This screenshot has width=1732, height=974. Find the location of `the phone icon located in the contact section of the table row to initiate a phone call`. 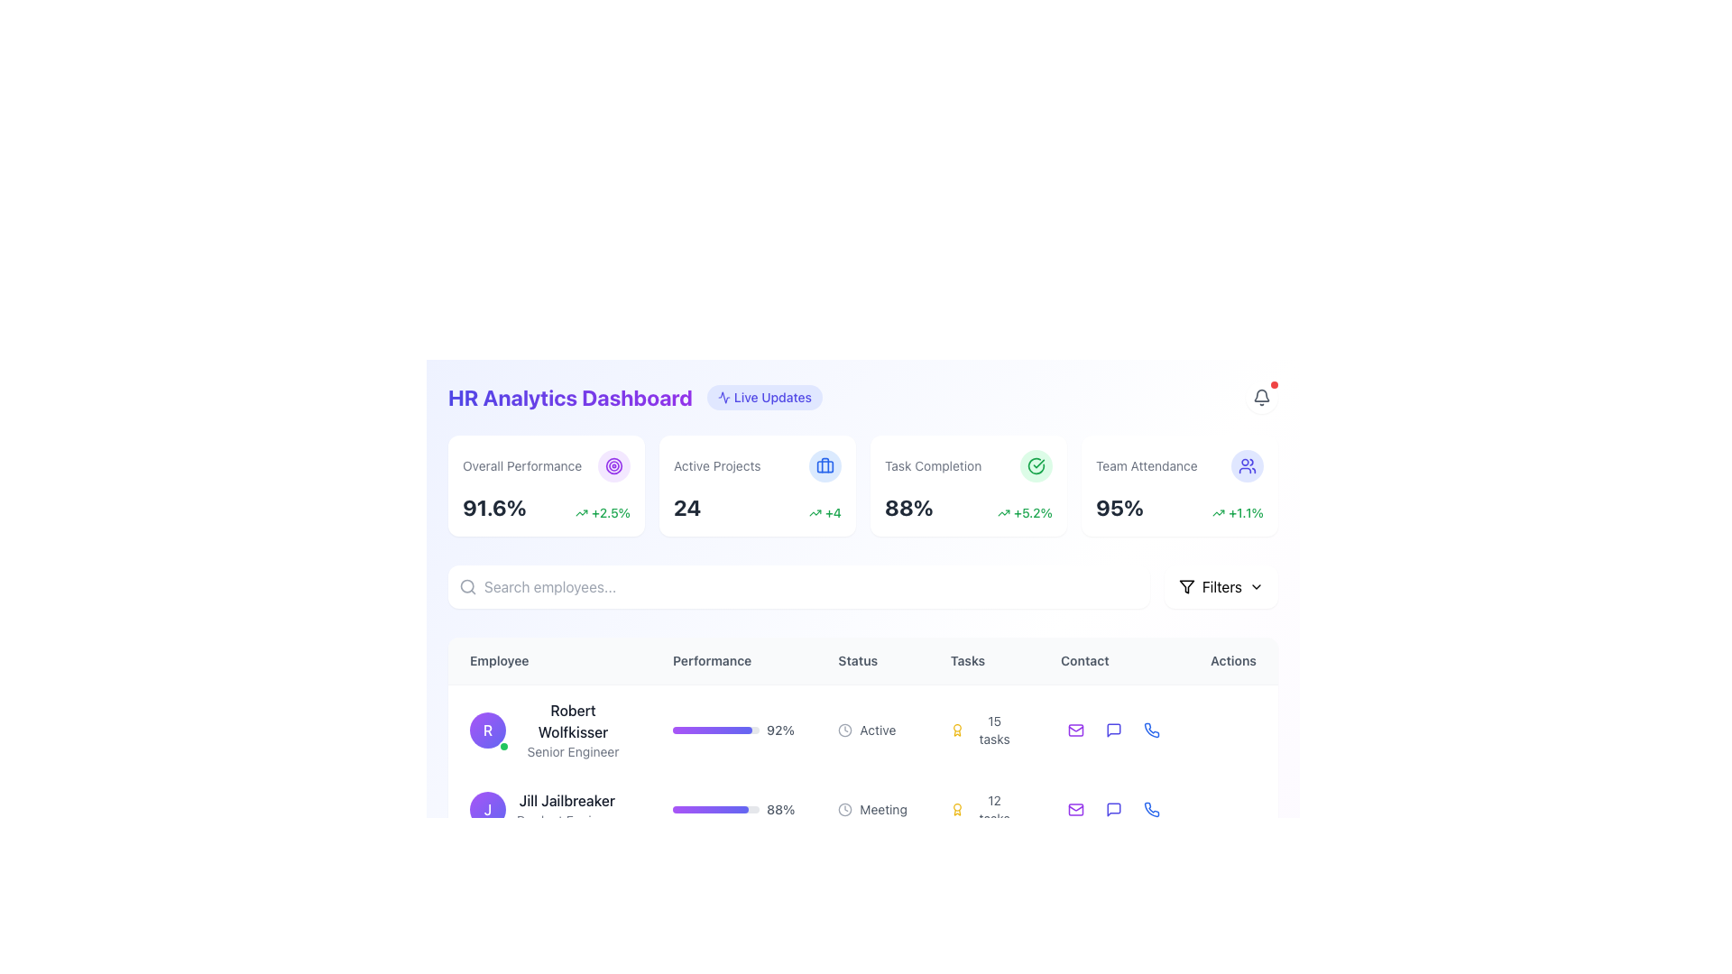

the phone icon located in the contact section of the table row to initiate a phone call is located at coordinates (1151, 809).